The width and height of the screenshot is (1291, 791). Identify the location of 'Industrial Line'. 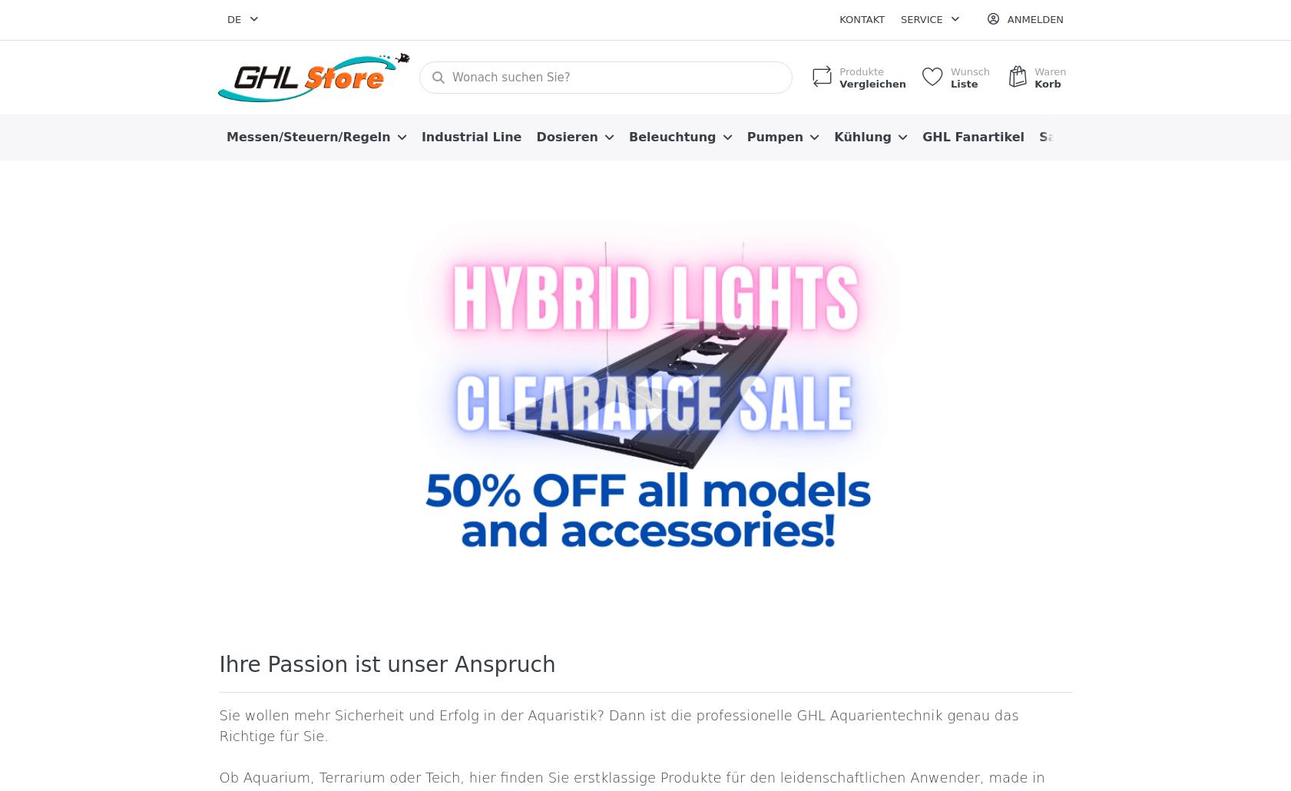
(470, 136).